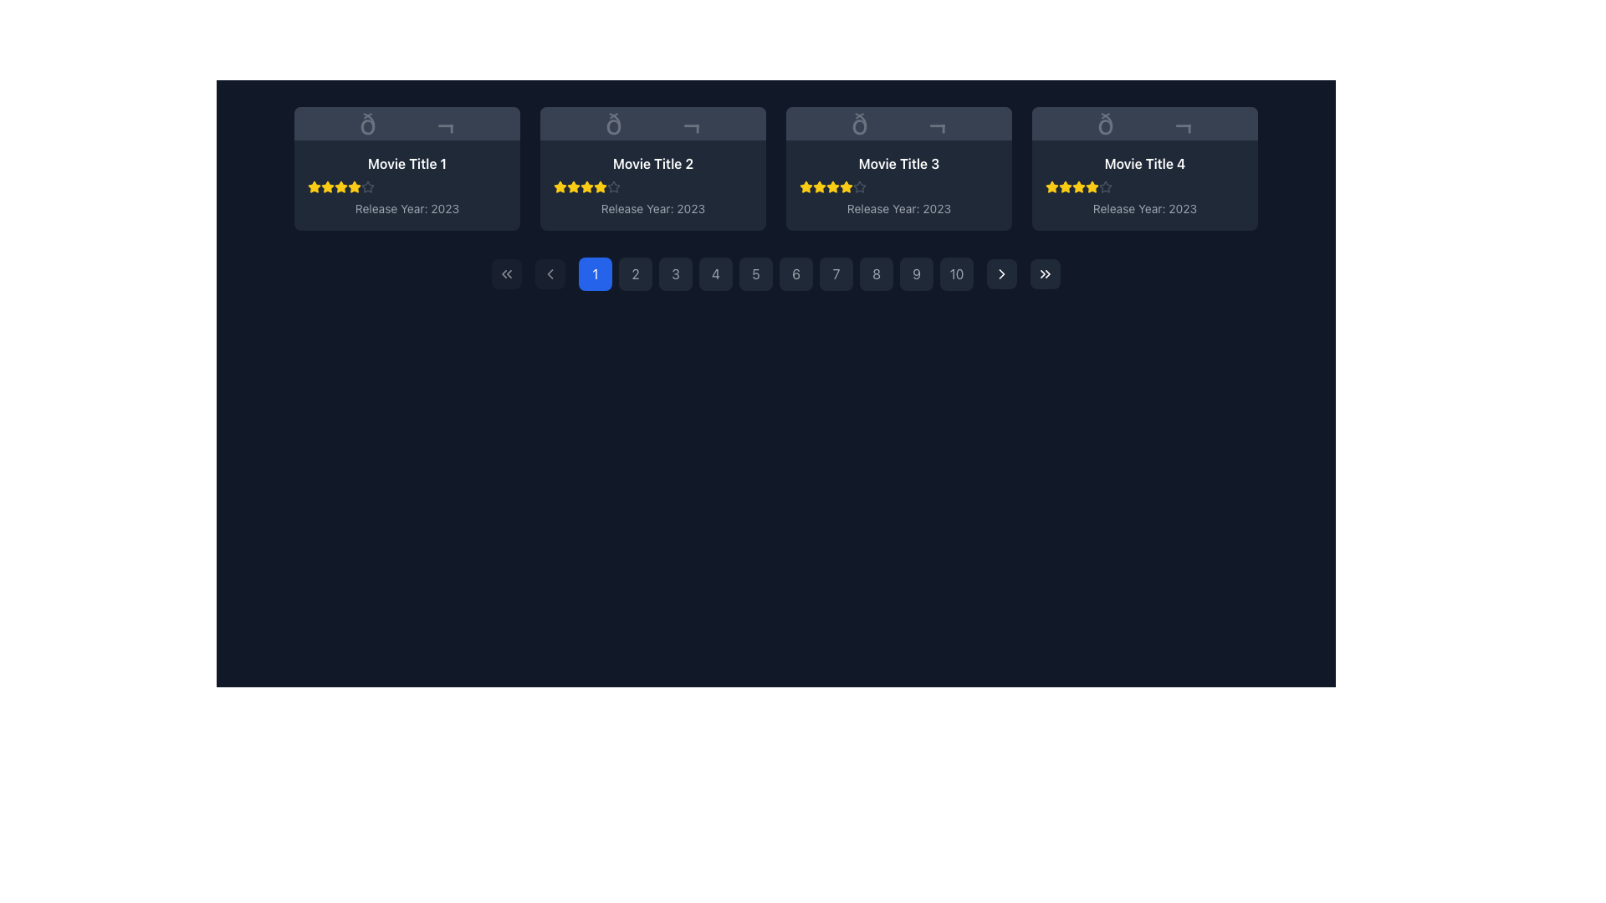 Image resolution: width=1606 pixels, height=903 pixels. What do you see at coordinates (595, 273) in the screenshot?
I see `the blue square button displaying the number '1'` at bounding box center [595, 273].